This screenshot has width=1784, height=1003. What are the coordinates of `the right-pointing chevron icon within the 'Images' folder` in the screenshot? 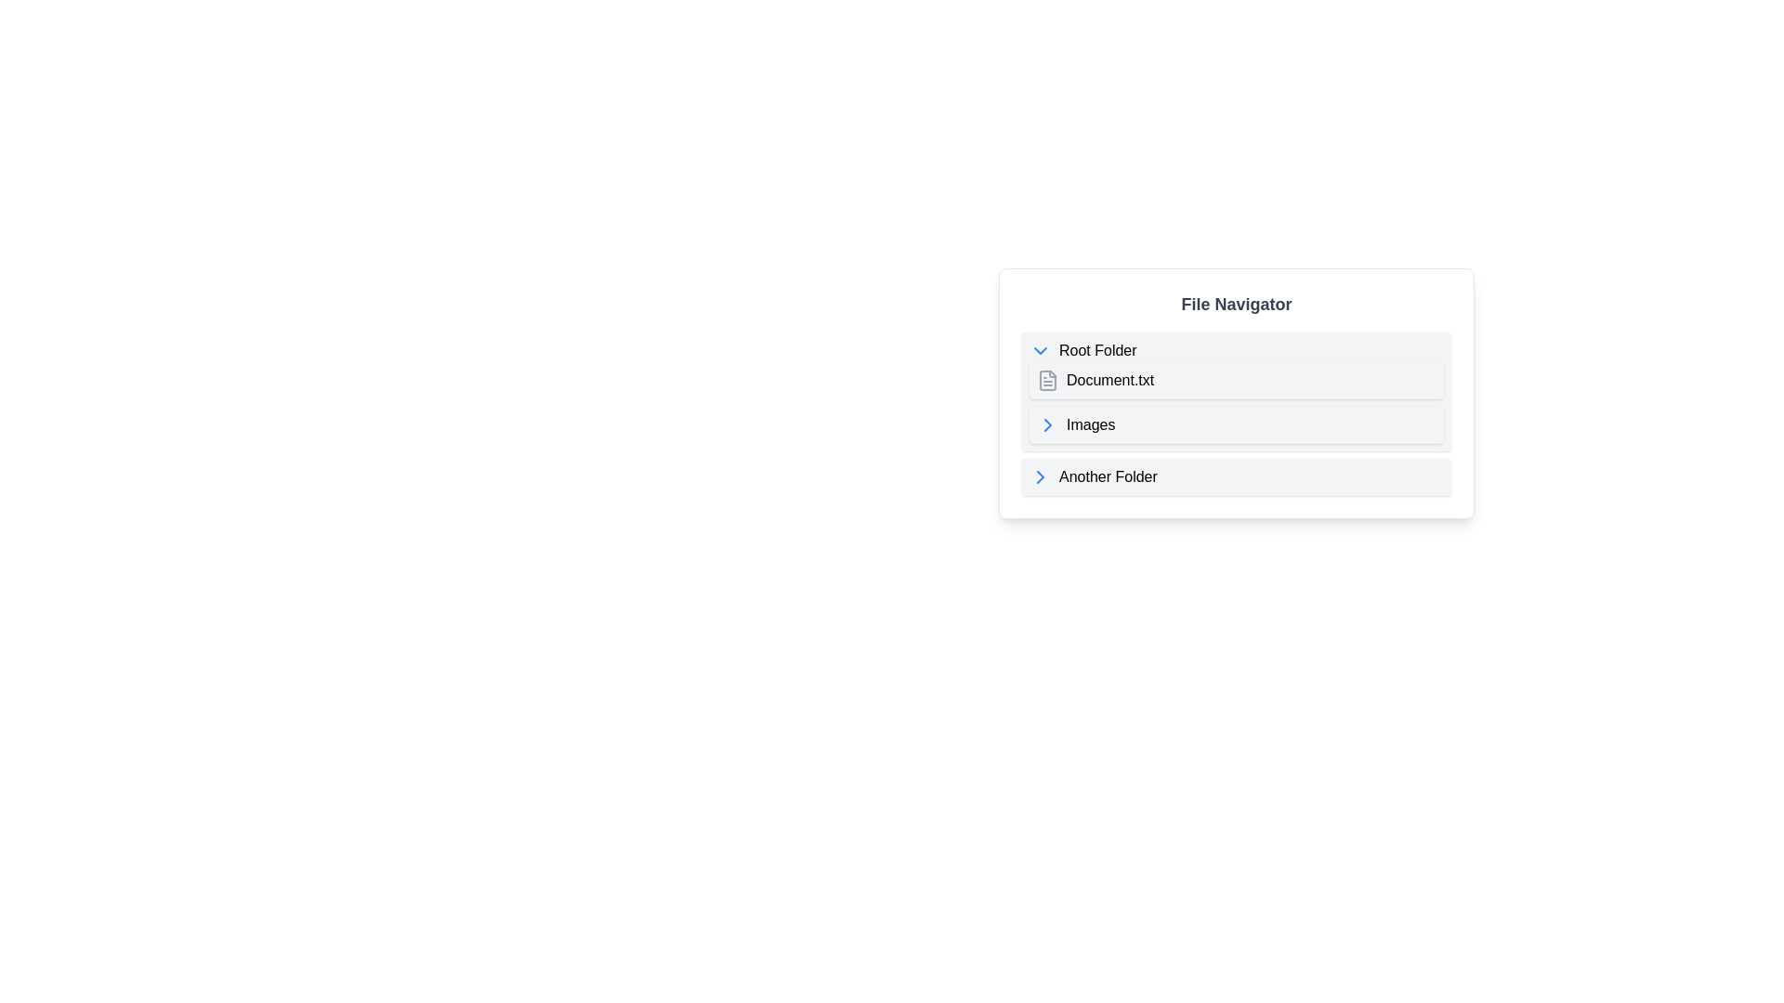 It's located at (1048, 425).